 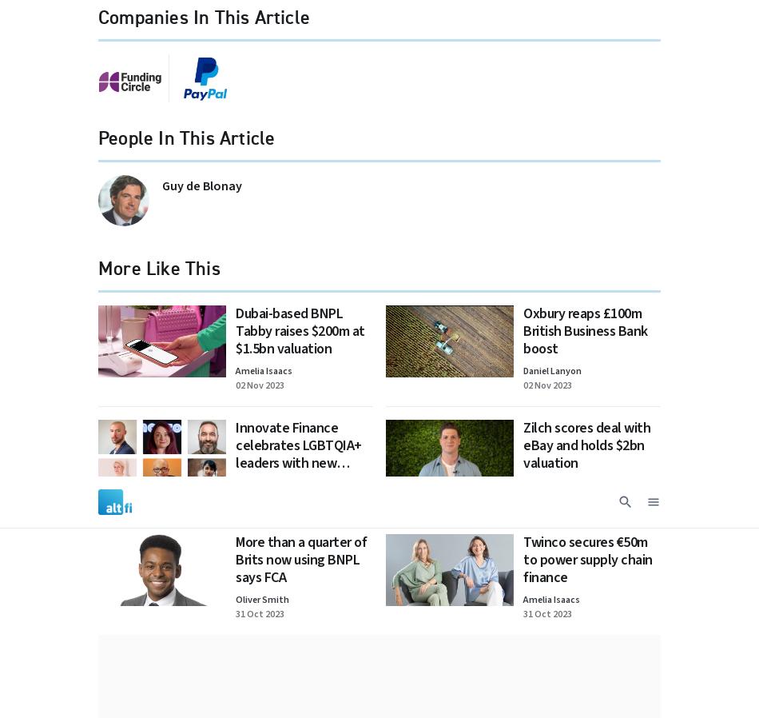 I want to click on 'All Rights Reserved 2013-2023.', so click(x=491, y=194).